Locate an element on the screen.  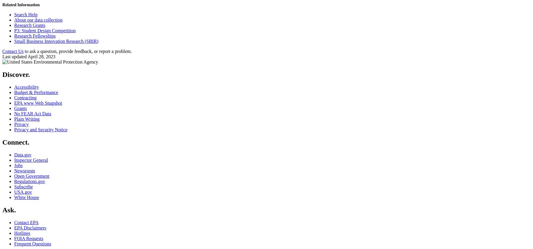
'Ask.' is located at coordinates (9, 209).